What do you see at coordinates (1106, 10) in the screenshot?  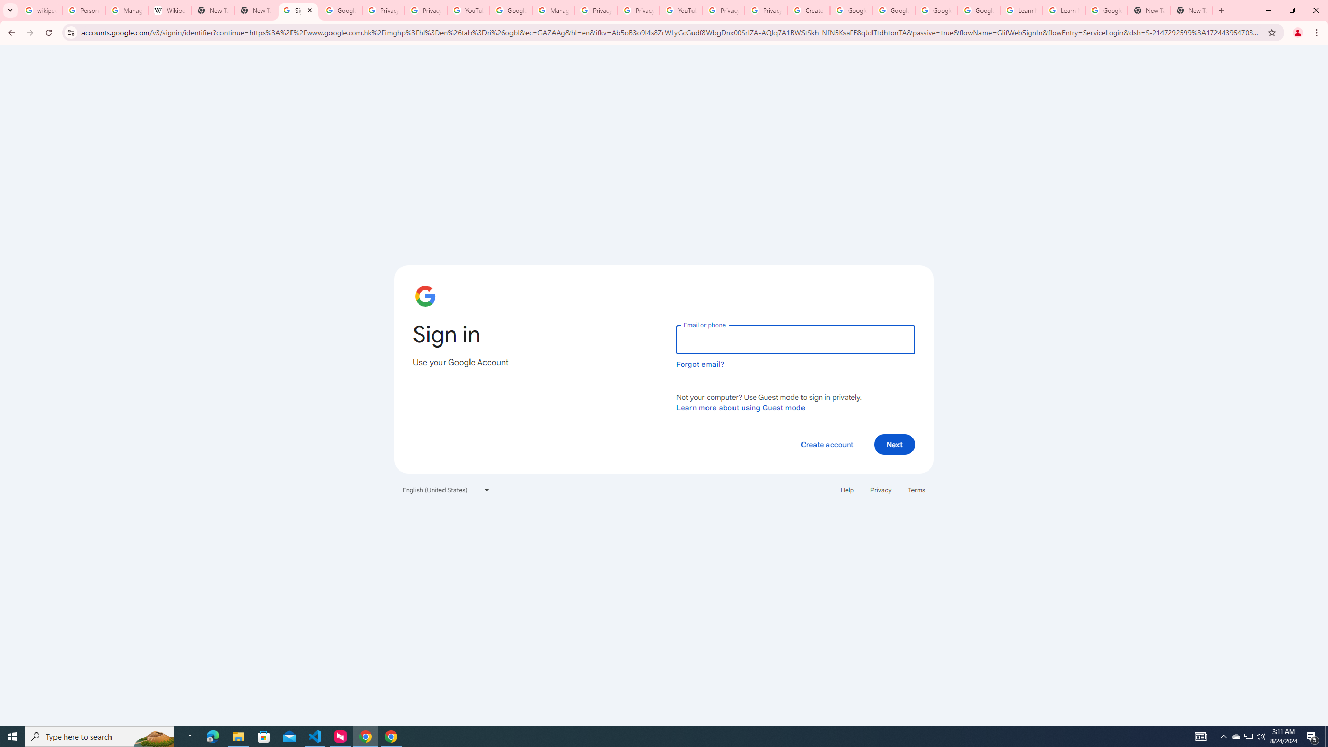 I see `'Google Account'` at bounding box center [1106, 10].